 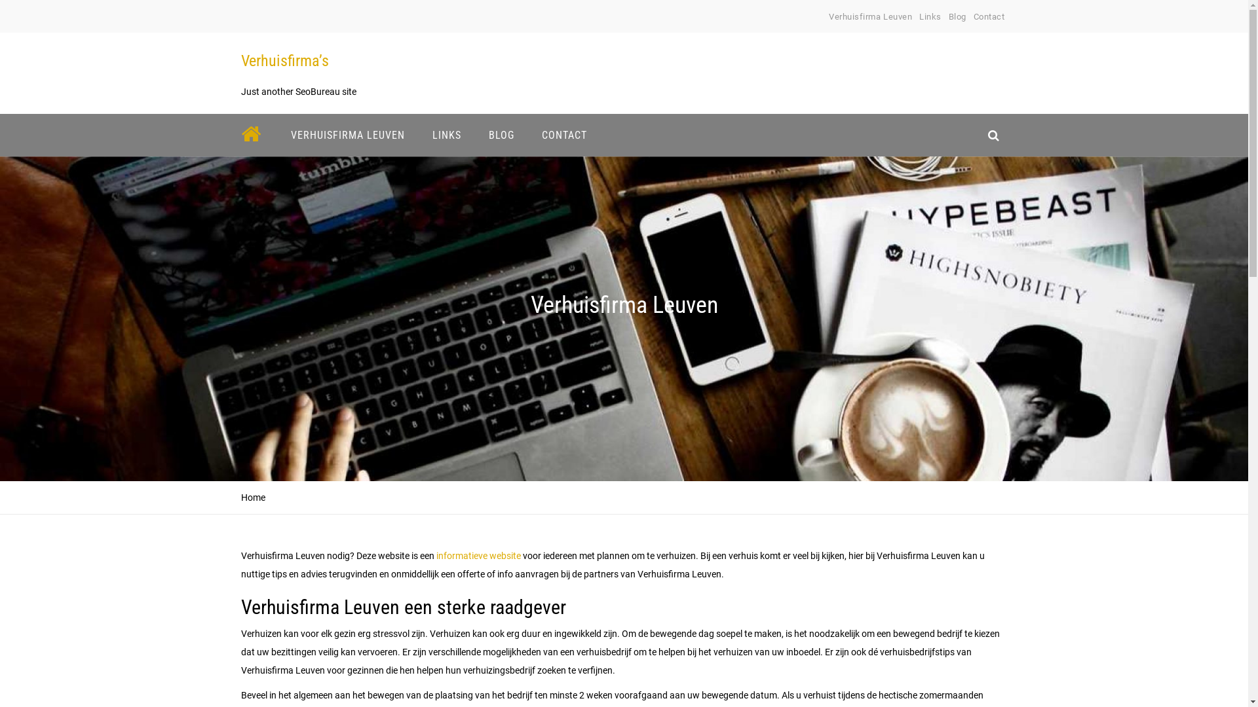 I want to click on 'informatieve website', so click(x=434, y=555).